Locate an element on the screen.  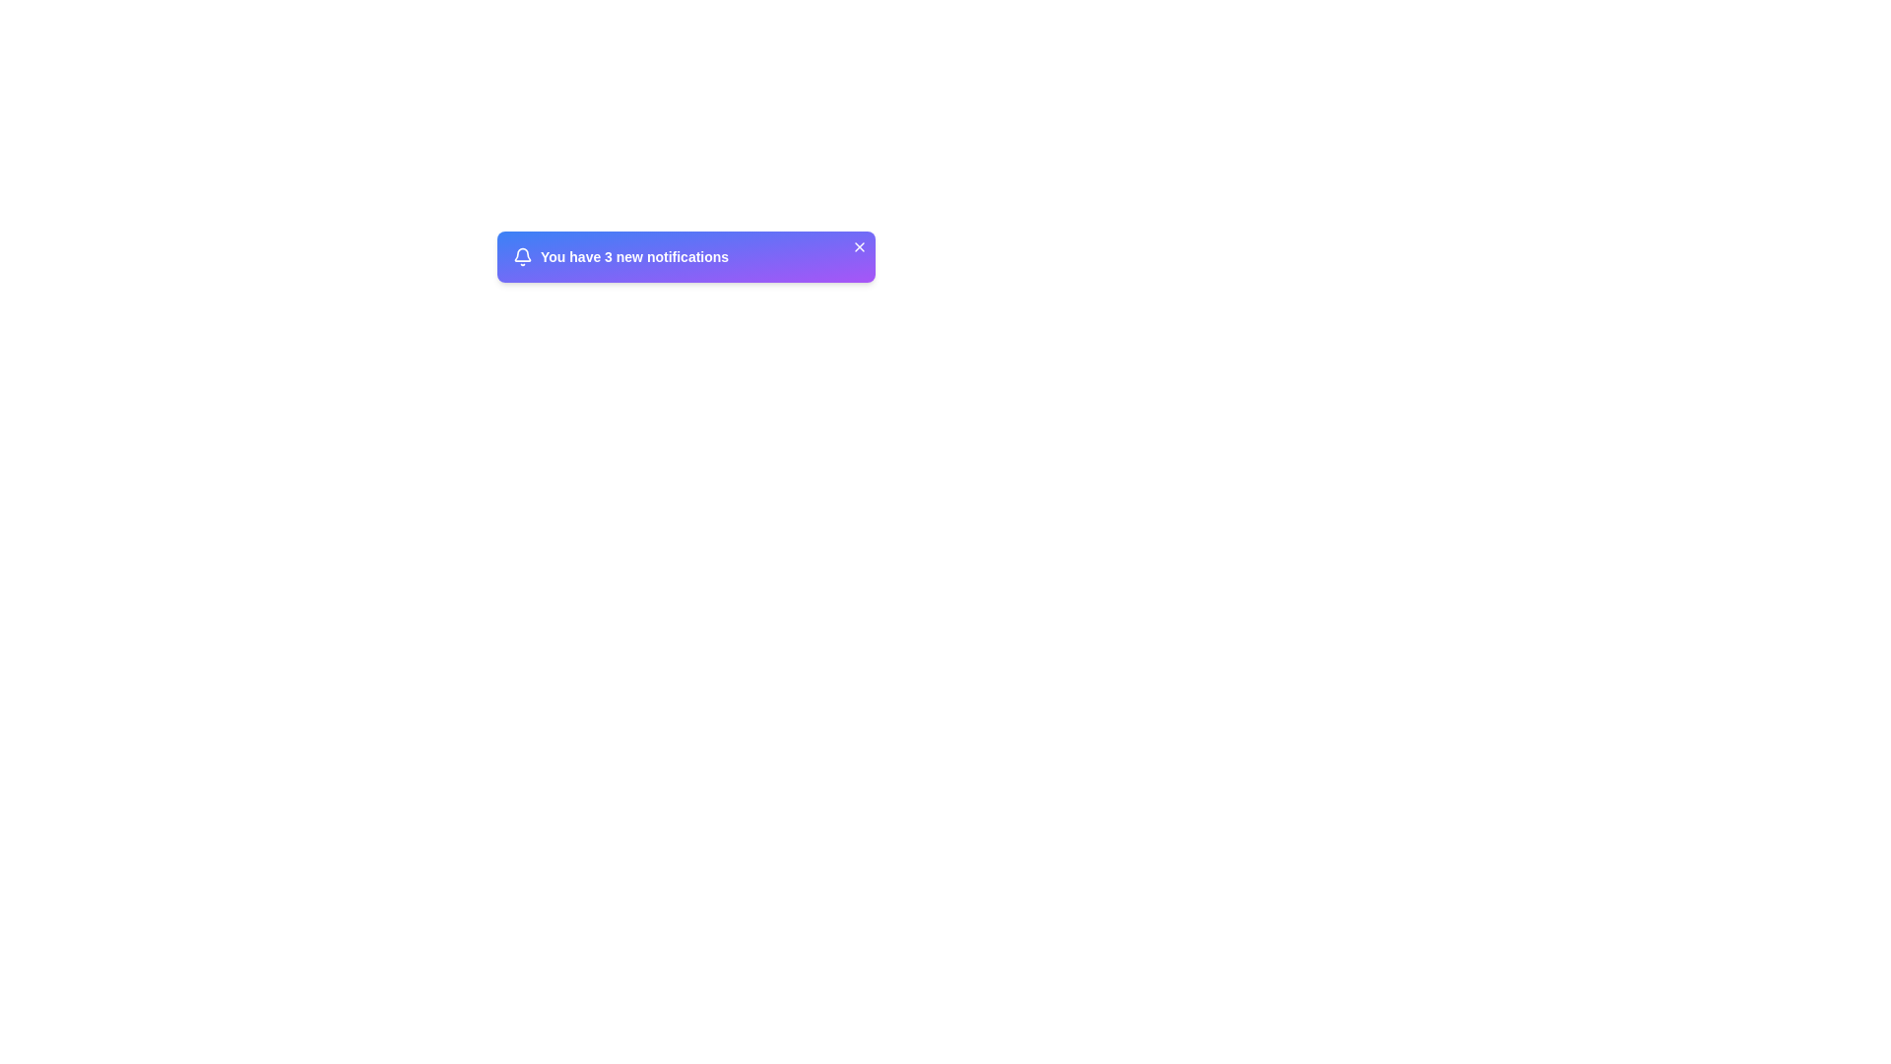
the bell icon located at the far left within the notification bar, which indicates the presence of new alerts or updates is located at coordinates (523, 256).